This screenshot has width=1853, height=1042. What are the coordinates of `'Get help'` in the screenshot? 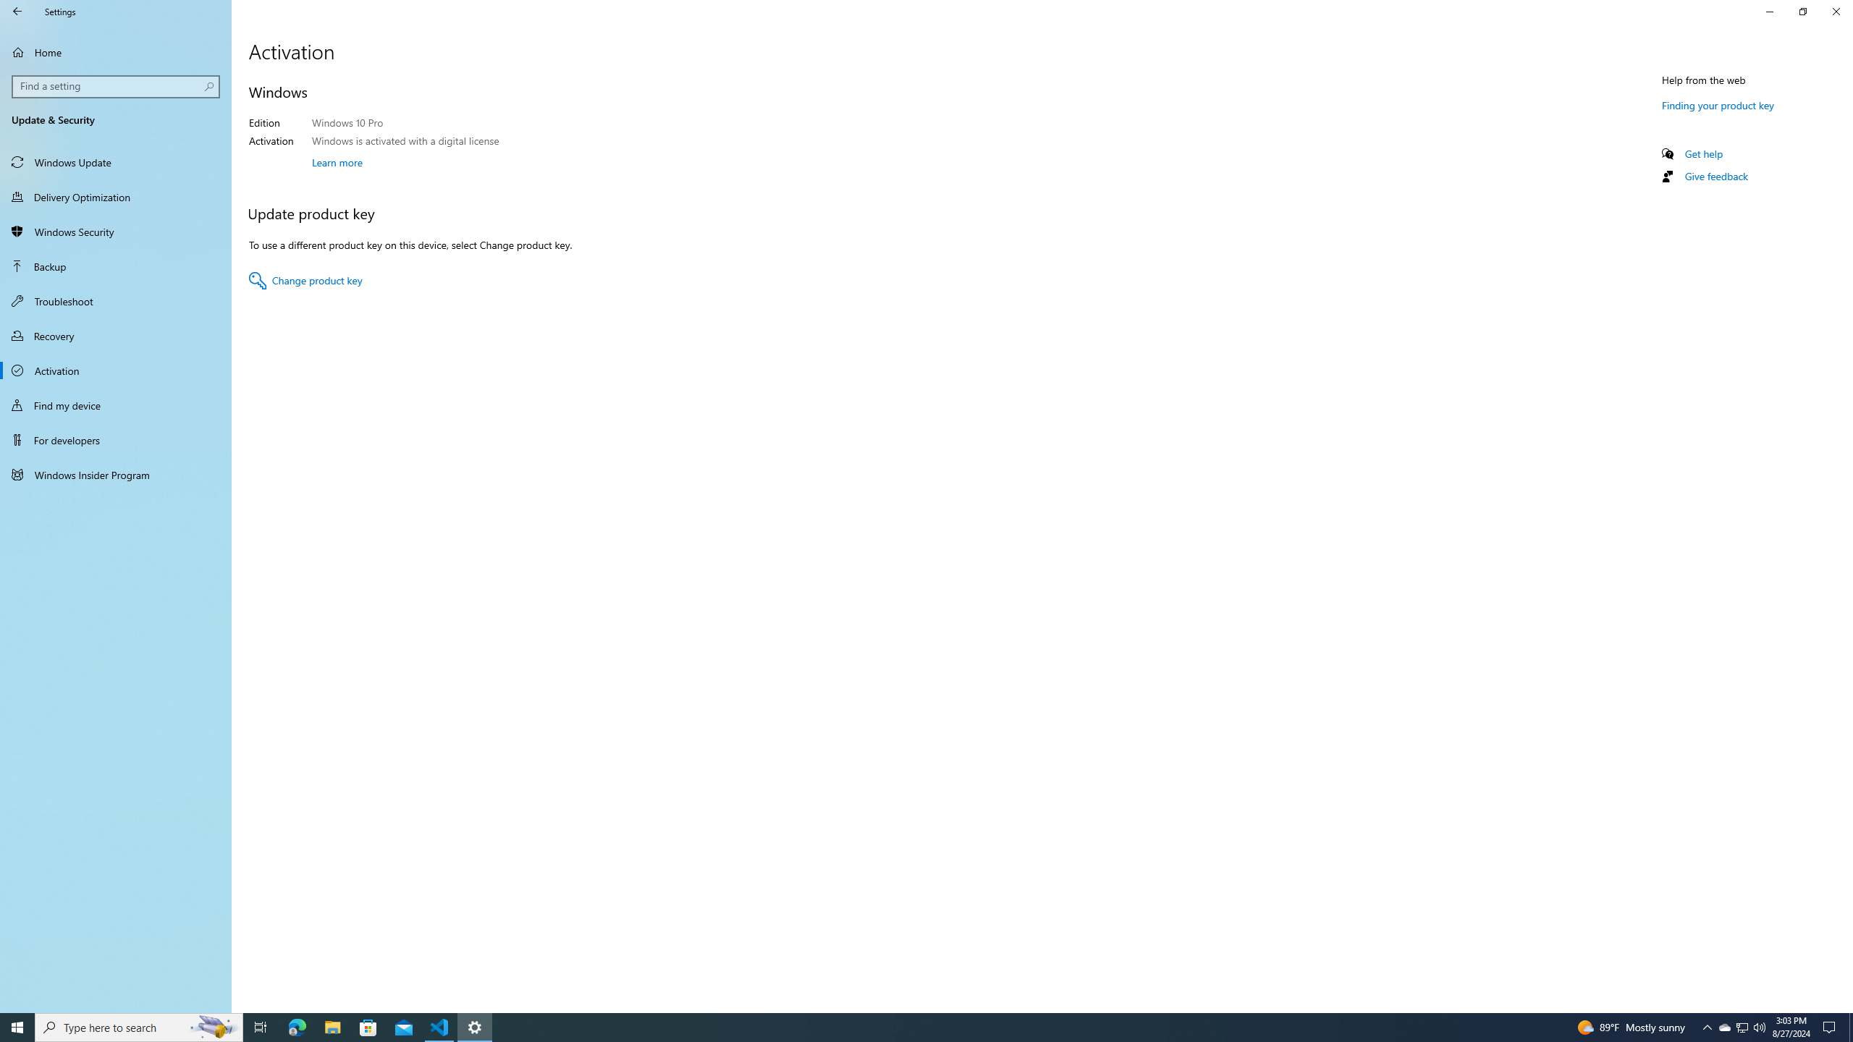 It's located at (1702, 153).